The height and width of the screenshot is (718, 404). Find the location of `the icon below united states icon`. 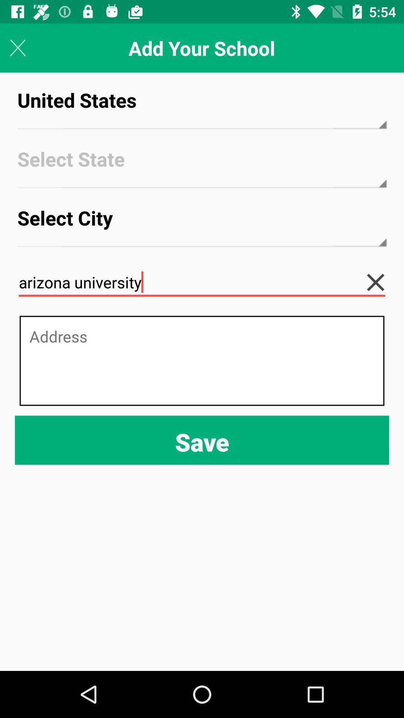

the icon below united states icon is located at coordinates (202, 165).